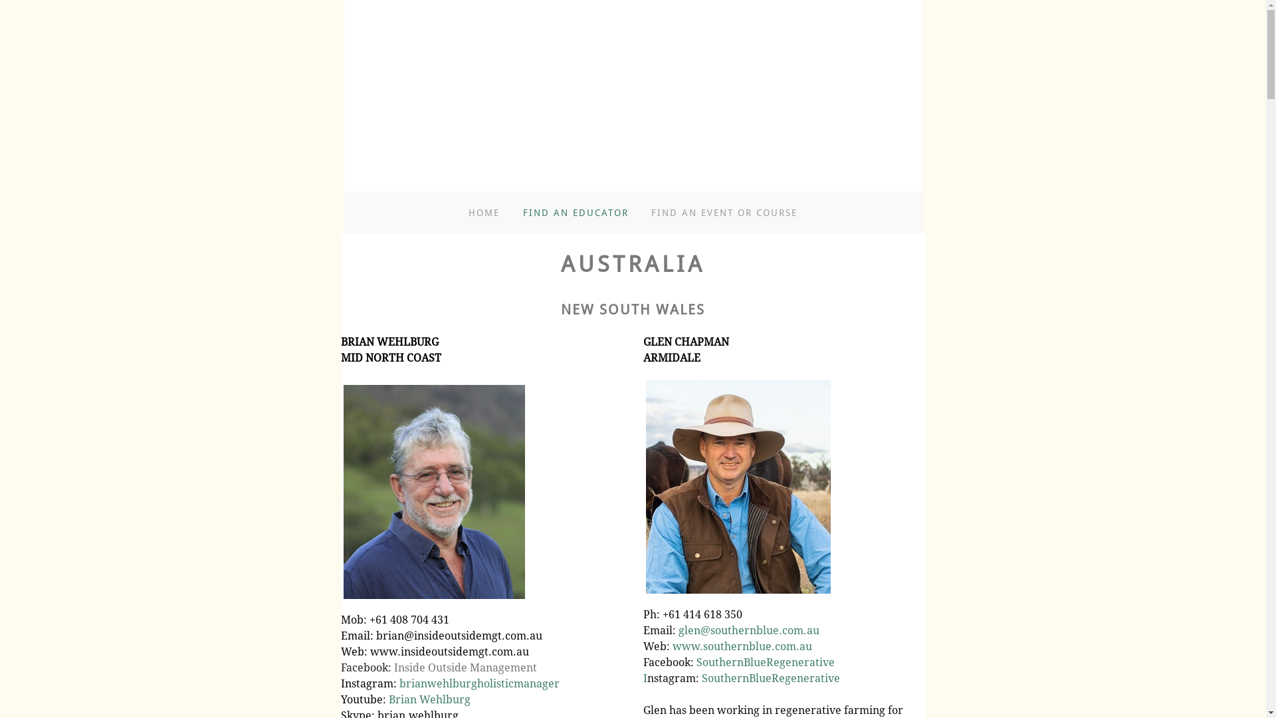  Describe the element at coordinates (748, 630) in the screenshot. I see `'glen@southernblue.com.au'` at that location.